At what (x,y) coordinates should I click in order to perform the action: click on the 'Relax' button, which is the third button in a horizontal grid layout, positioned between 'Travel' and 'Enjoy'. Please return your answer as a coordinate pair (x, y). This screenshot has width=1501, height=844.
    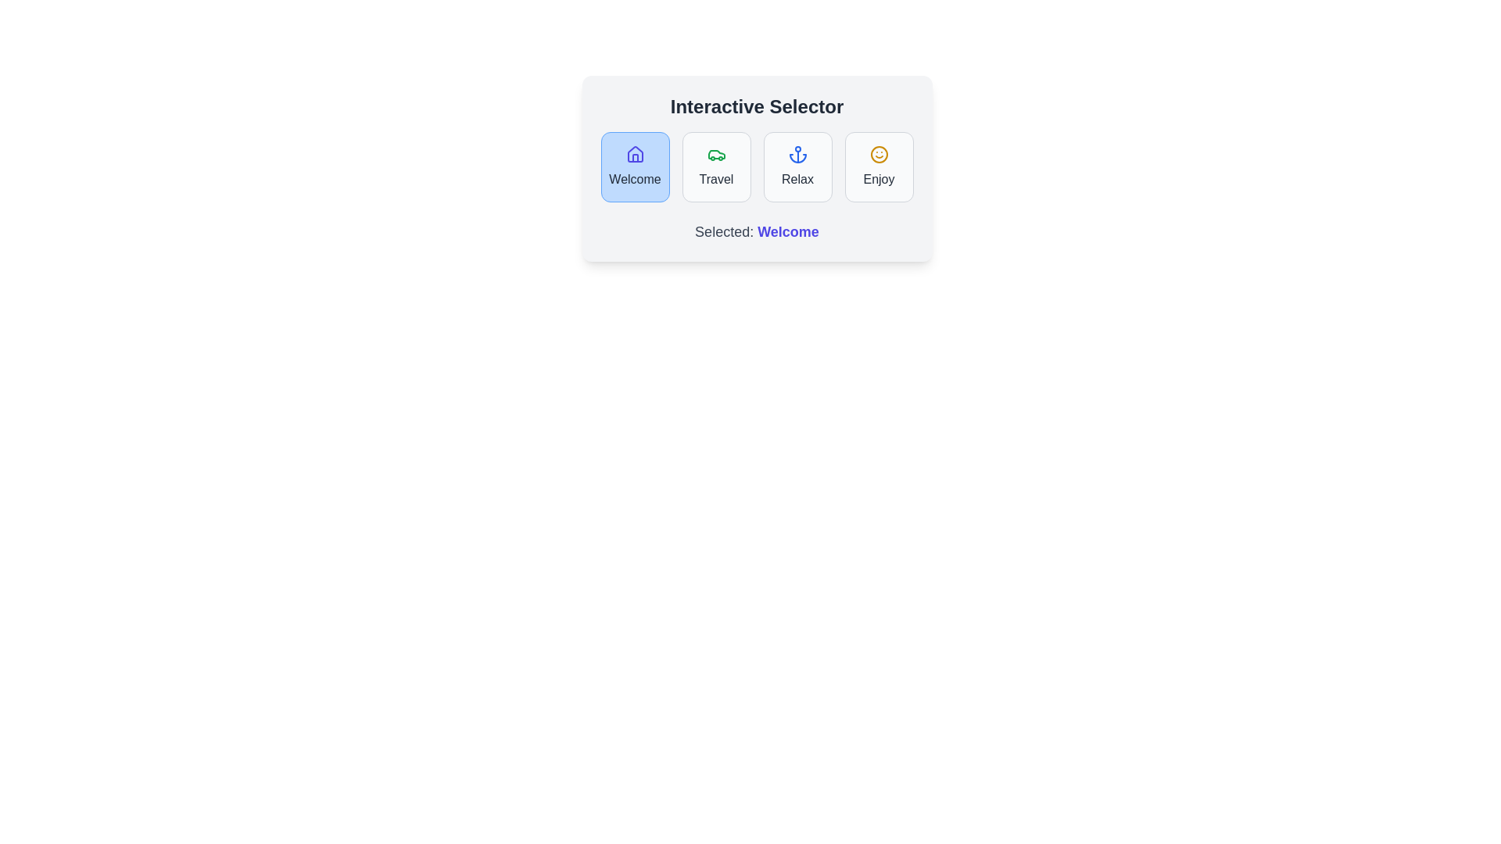
    Looking at the image, I should click on (797, 166).